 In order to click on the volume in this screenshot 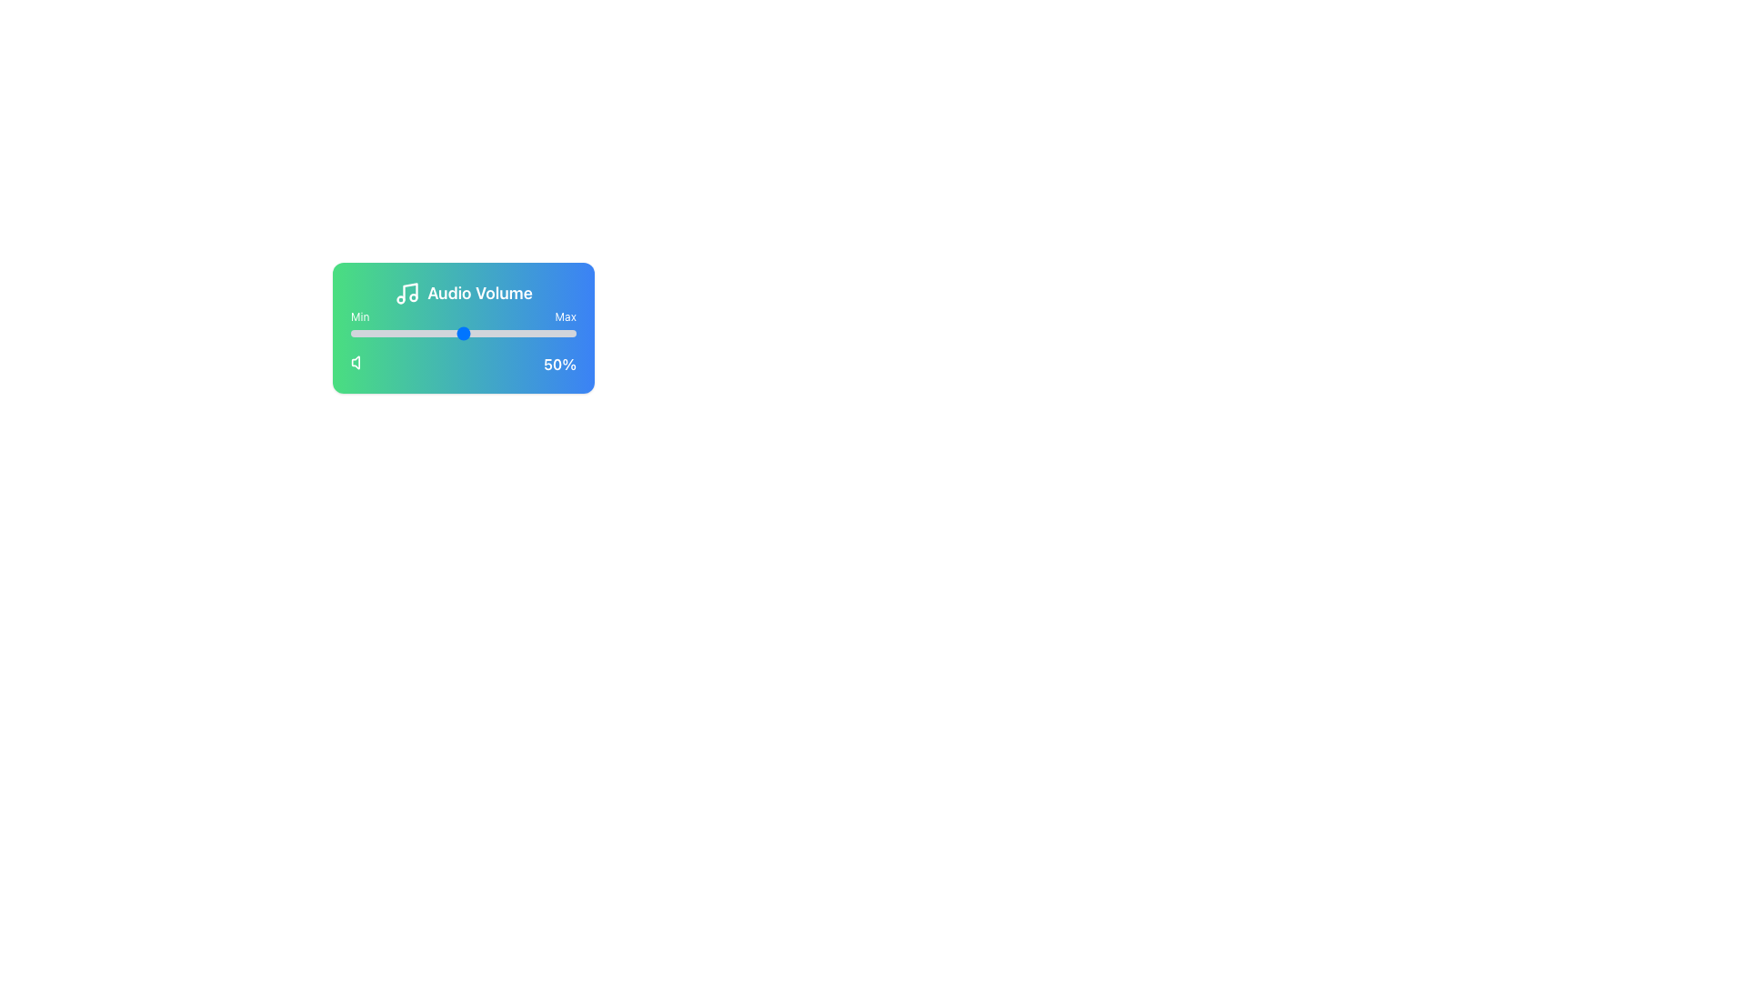, I will do `click(357, 333)`.